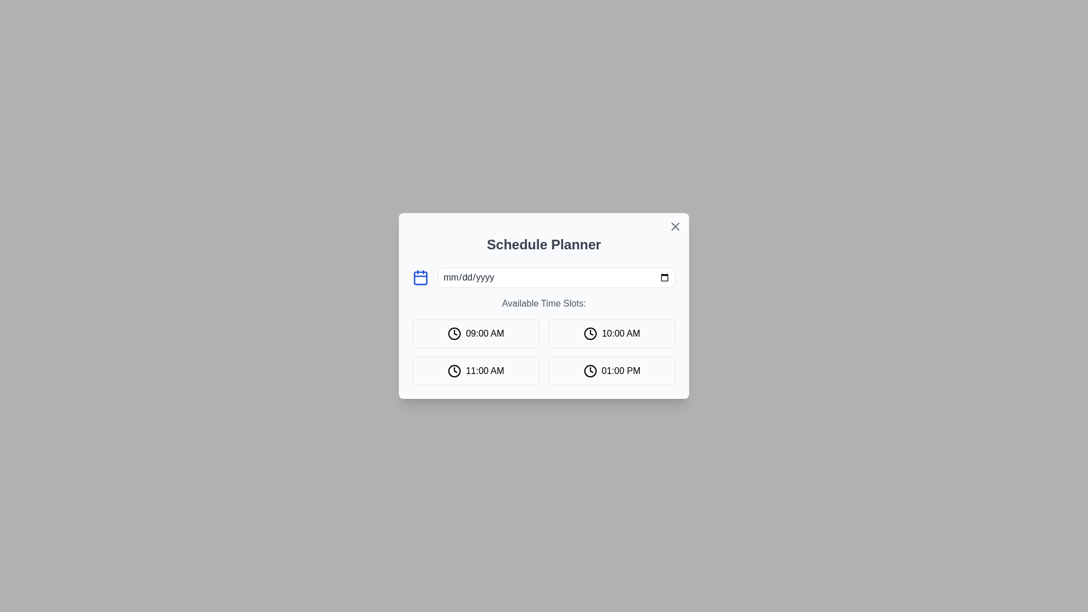  I want to click on the selectable time slot button for '09:00 AM' in the 'Available Time Slots' section of the 'Schedule Planner' modal, so click(476, 333).